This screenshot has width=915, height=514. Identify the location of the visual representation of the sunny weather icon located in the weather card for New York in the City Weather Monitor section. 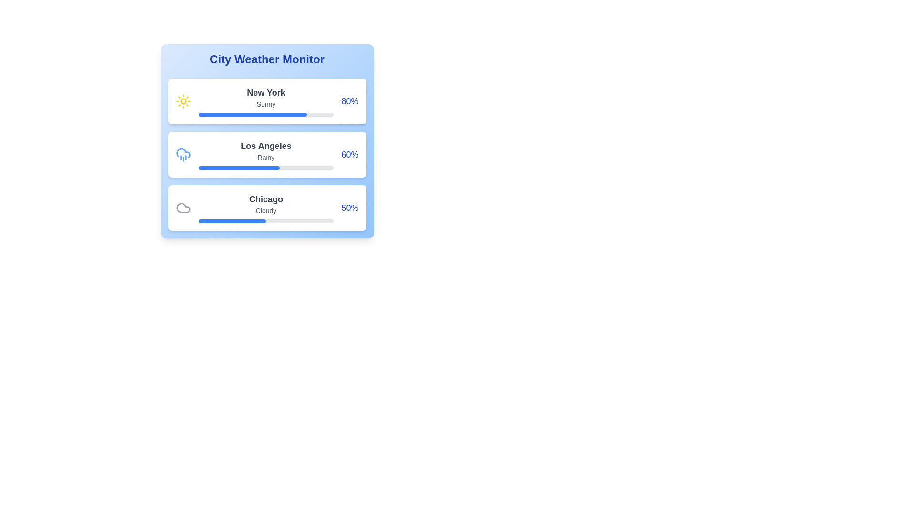
(183, 101).